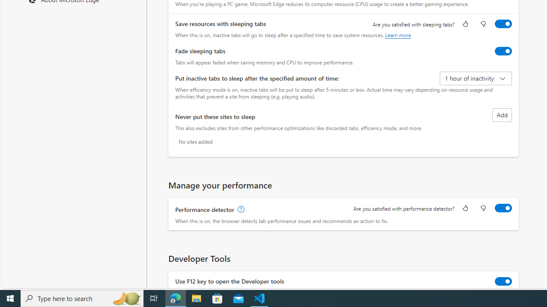  Describe the element at coordinates (503, 208) in the screenshot. I see `'Performance detector'` at that location.